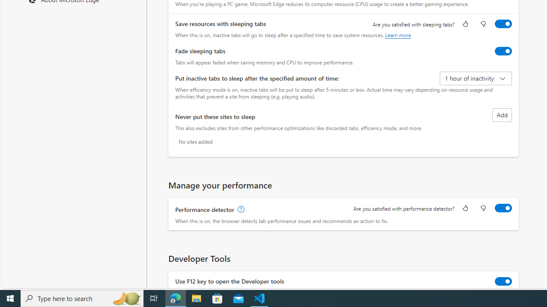  Describe the element at coordinates (503, 208) in the screenshot. I see `'Performance detector'` at that location.